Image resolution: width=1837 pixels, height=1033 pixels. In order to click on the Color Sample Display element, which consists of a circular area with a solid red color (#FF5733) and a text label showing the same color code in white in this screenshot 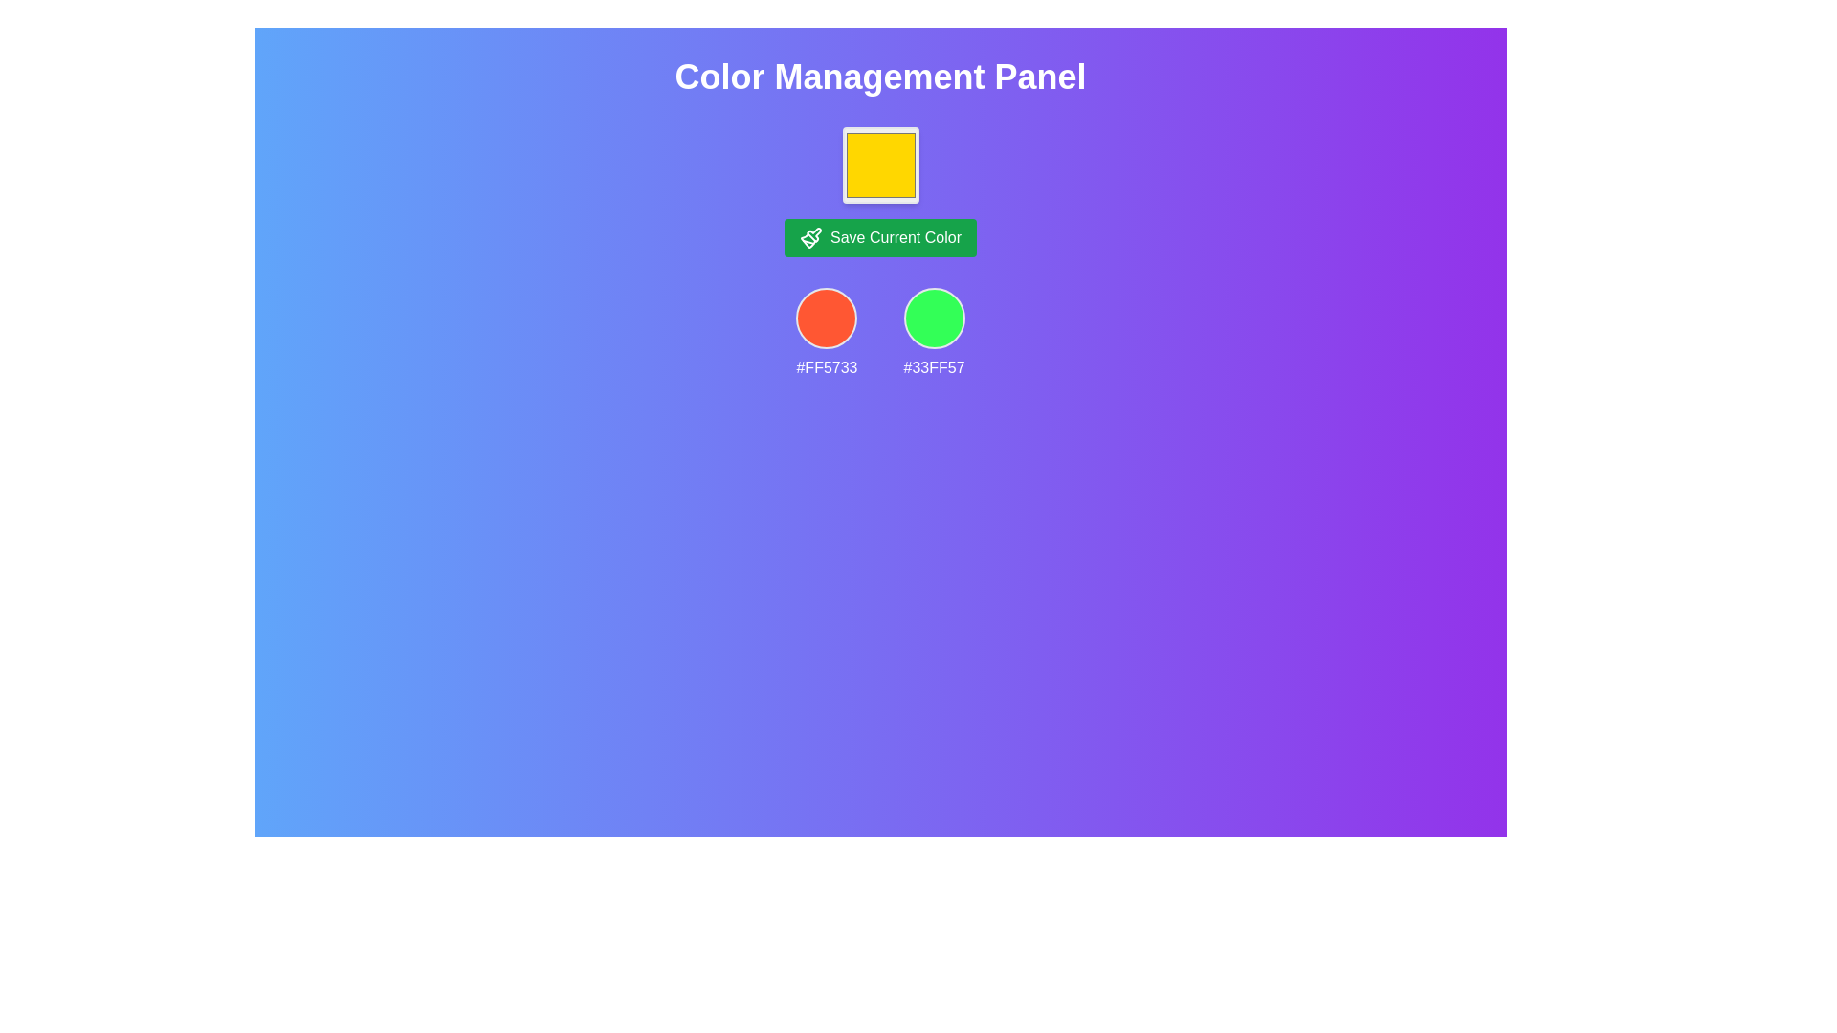, I will do `click(827, 332)`.